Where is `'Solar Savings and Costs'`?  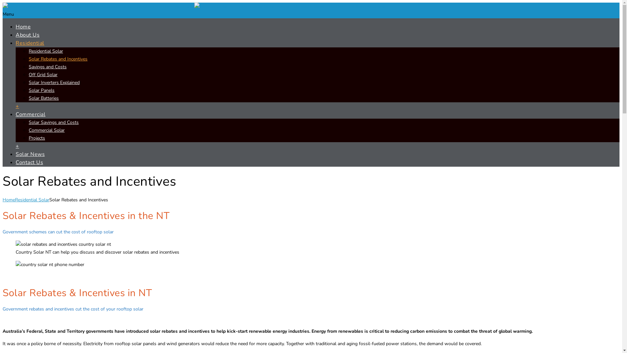 'Solar Savings and Costs' is located at coordinates (54, 122).